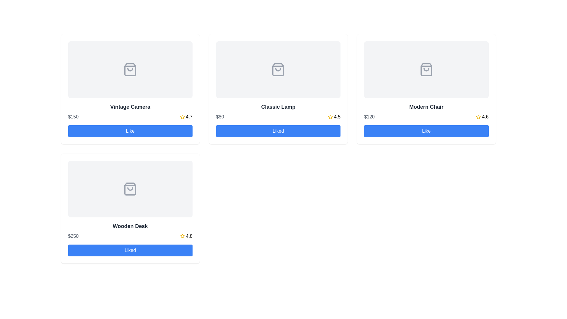 This screenshot has height=319, width=567. I want to click on text label that provides details about a product, including its name, price, and rating, located in the second column of the top row, beneath the image placeholder, and above the 'Liked' button, so click(278, 112).